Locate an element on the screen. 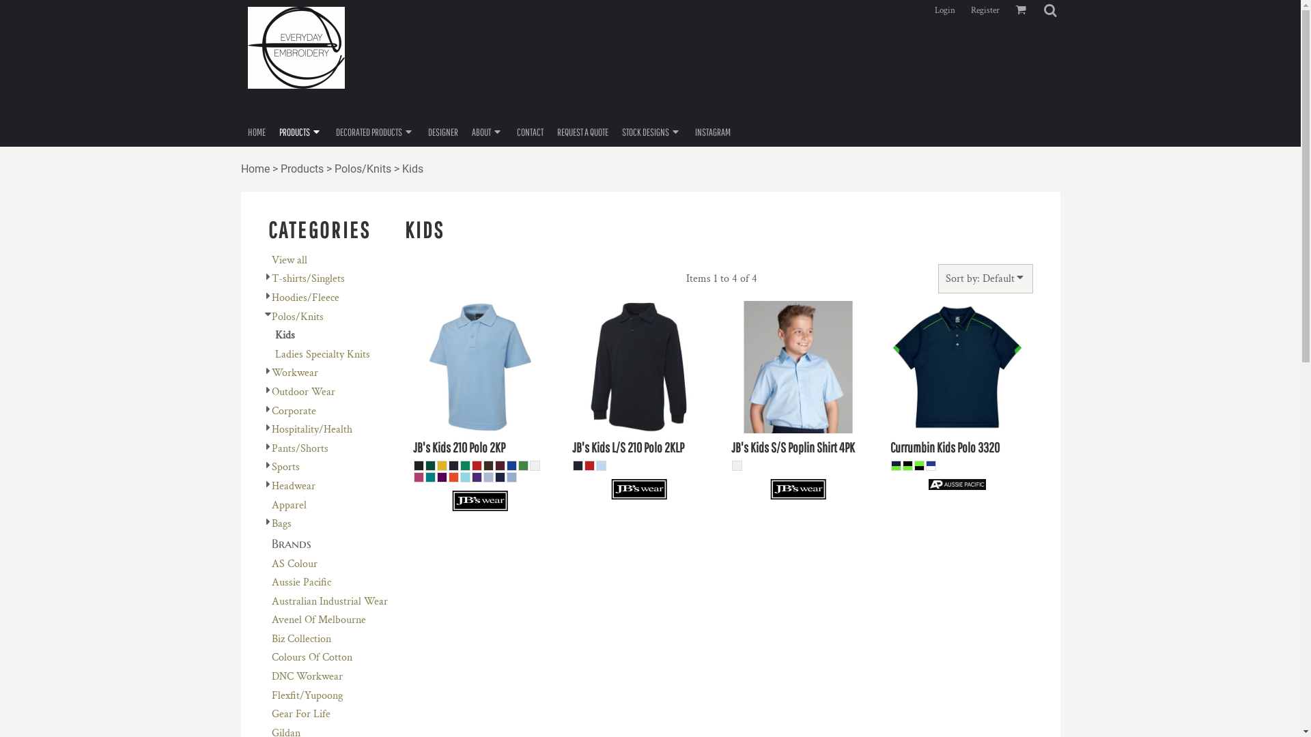 The width and height of the screenshot is (1311, 737). 'Headwear' is located at coordinates (272, 485).